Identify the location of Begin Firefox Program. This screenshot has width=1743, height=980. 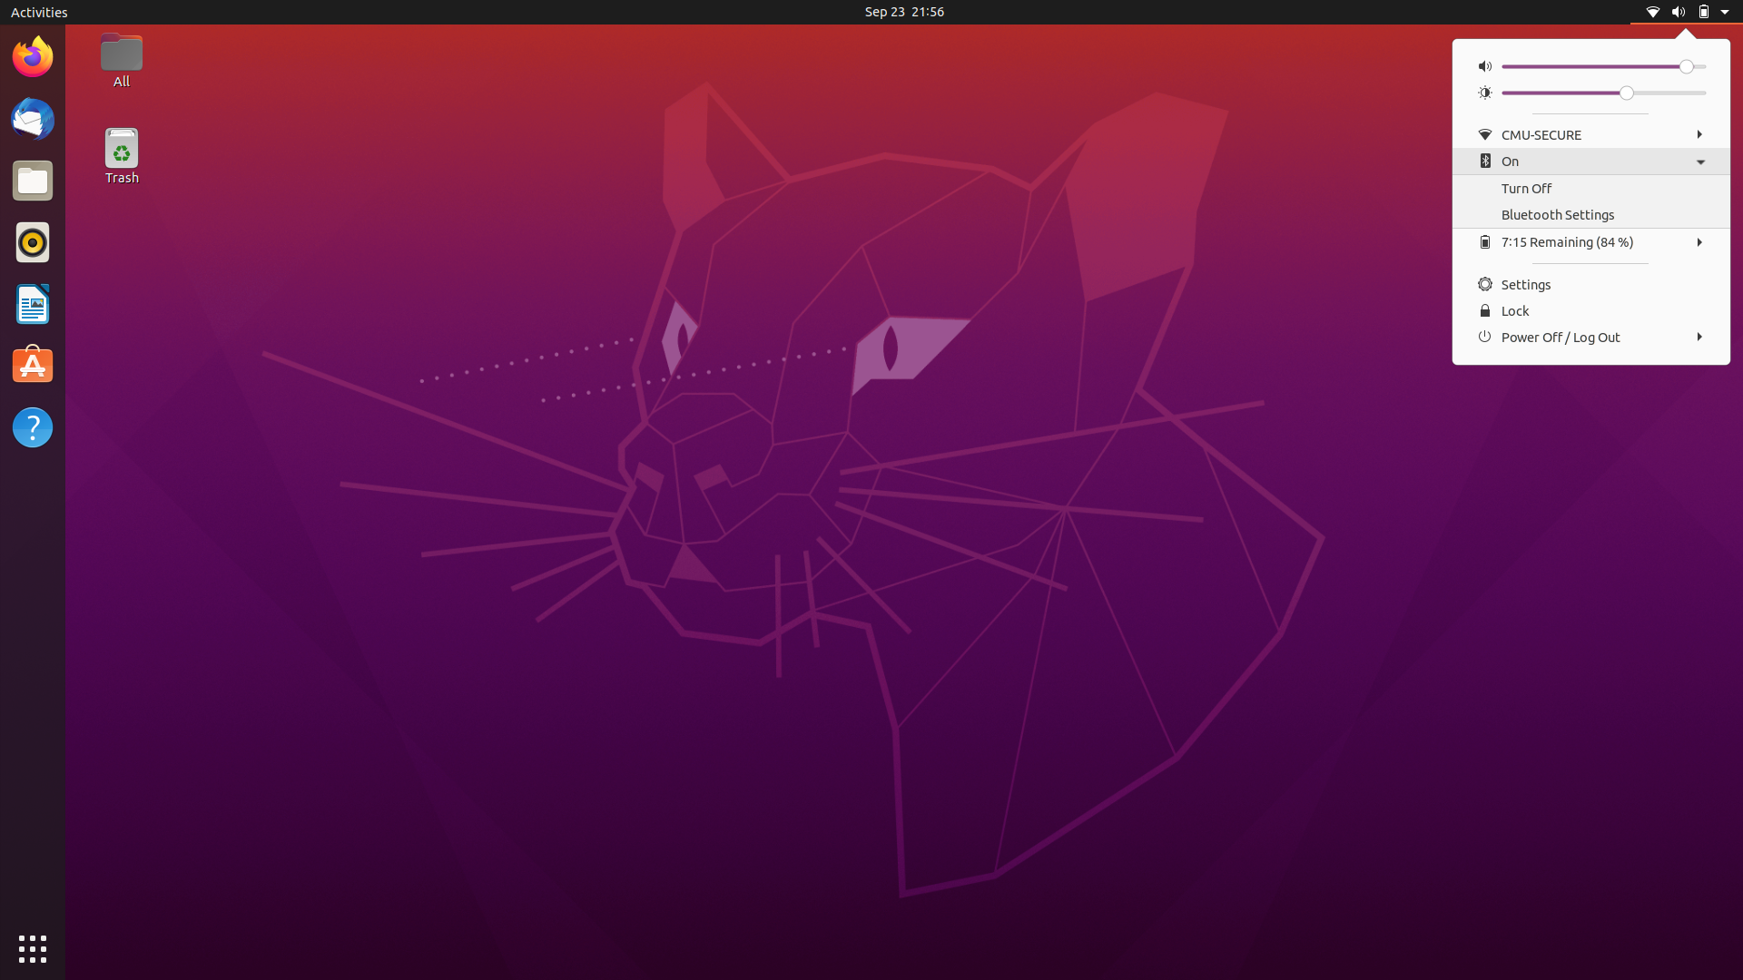
(31, 54).